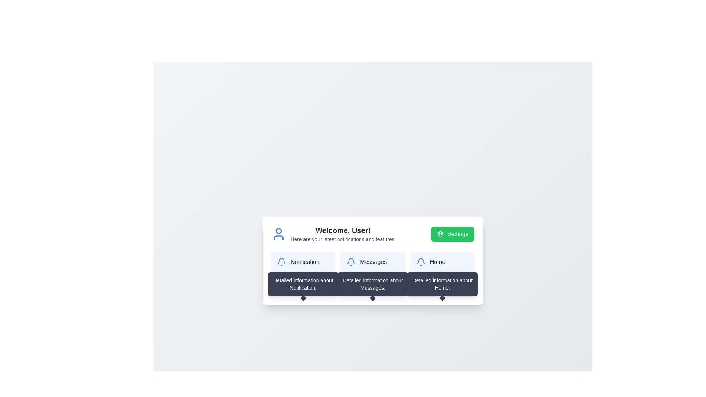  I want to click on the 'Home' text label which is the third item in a horizontal menu, styled with a sans-serif font in dark gray and accompanied by a blue bell icon on its left, so click(442, 262).